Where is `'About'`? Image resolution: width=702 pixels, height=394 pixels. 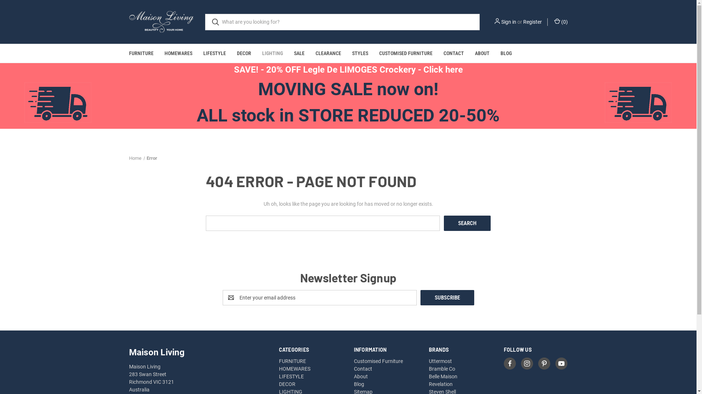
'About' is located at coordinates (361, 376).